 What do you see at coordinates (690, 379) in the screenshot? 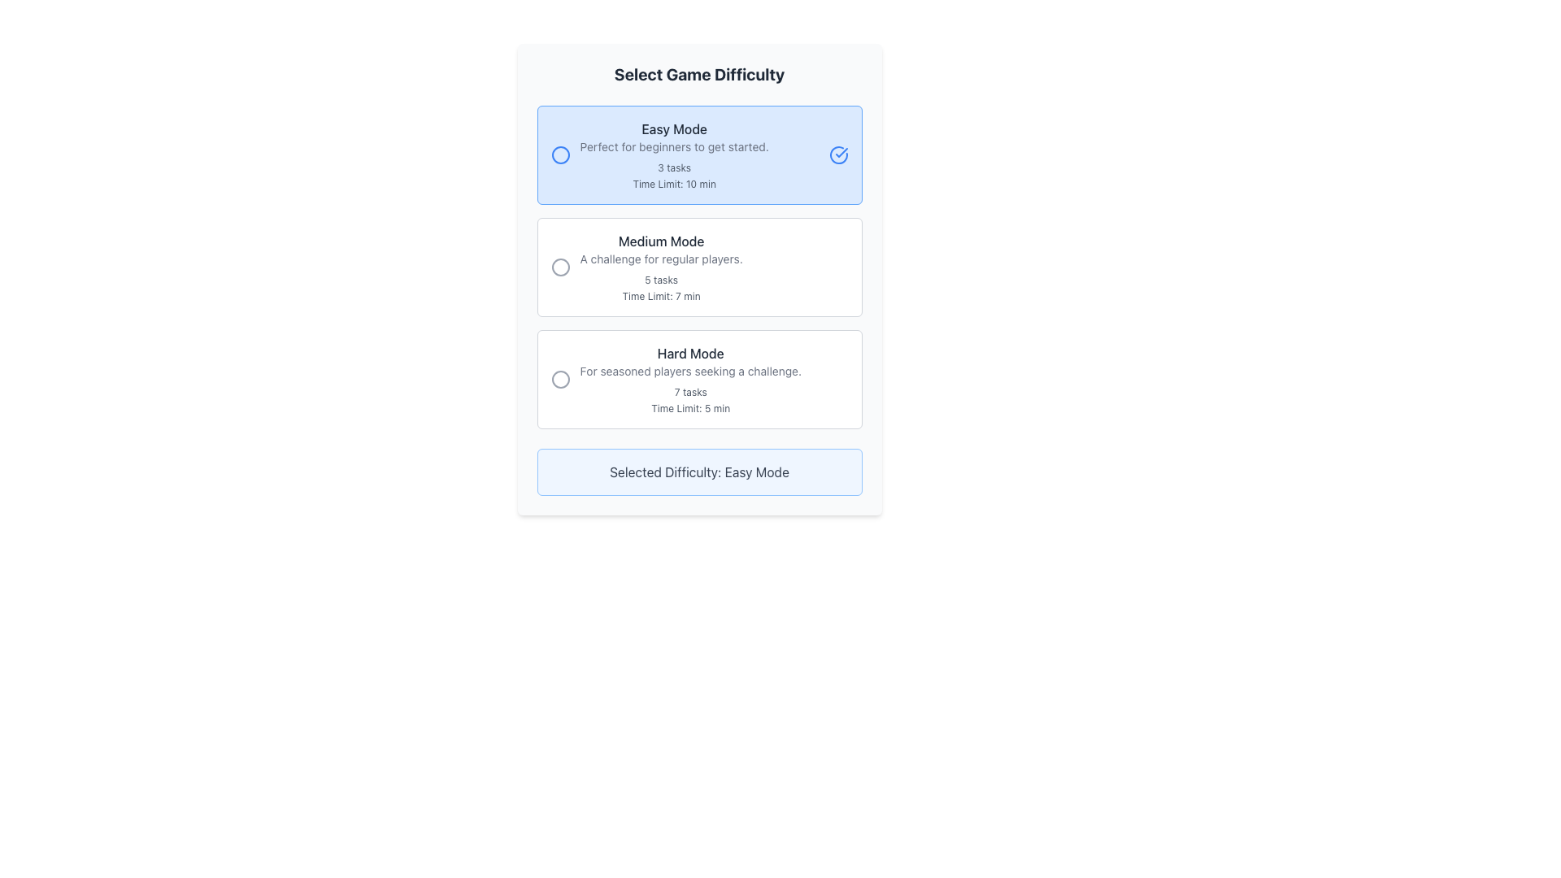
I see `the Informational text block that describes the 'Hard Mode' difficulty setting, which is located between the 'Medium Mode' option and the informational bar` at bounding box center [690, 379].